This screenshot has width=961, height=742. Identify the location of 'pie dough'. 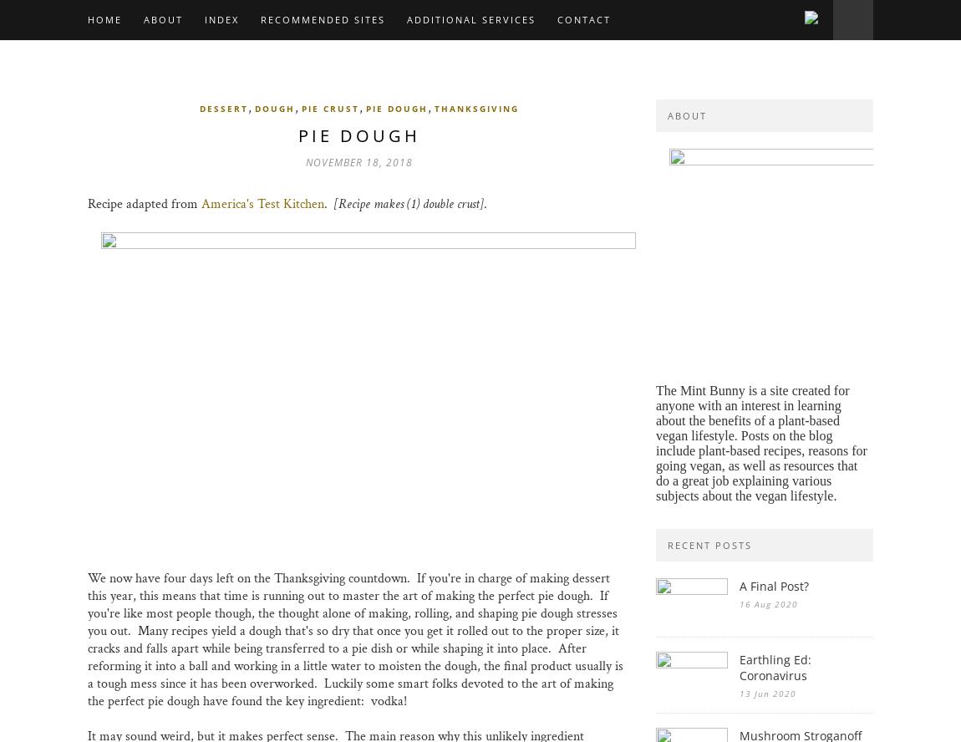
(396, 109).